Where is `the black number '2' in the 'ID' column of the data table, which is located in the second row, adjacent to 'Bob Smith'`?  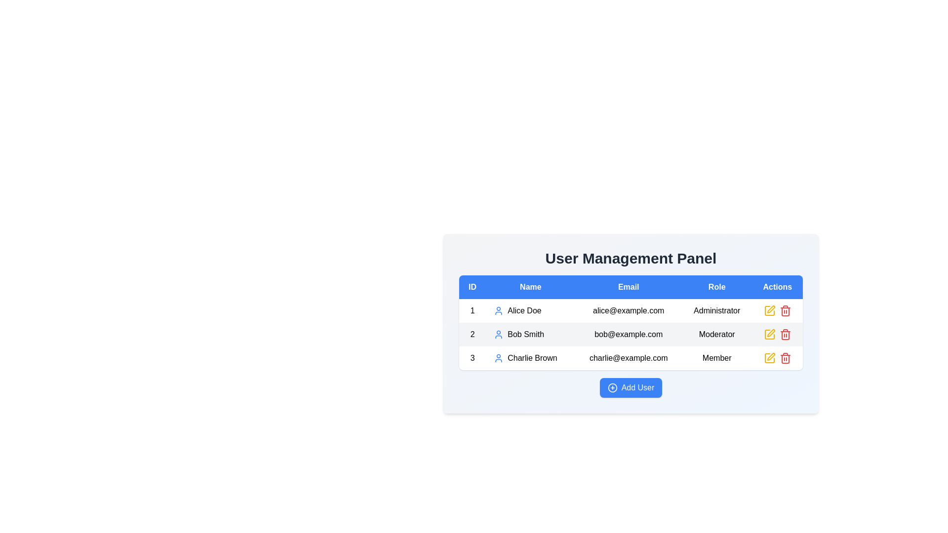
the black number '2' in the 'ID' column of the data table, which is located in the second row, adjacent to 'Bob Smith' is located at coordinates (472, 334).